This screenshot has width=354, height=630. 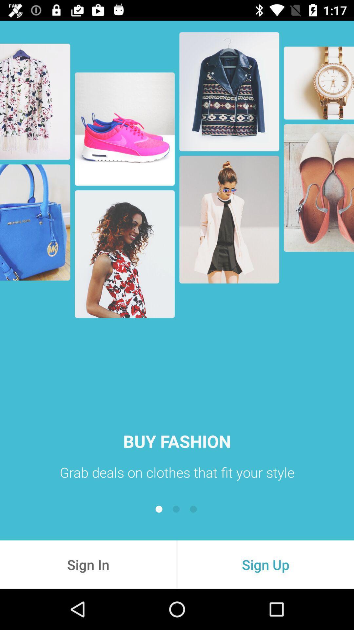 What do you see at coordinates (88, 564) in the screenshot?
I see `the item at the bottom left corner` at bounding box center [88, 564].